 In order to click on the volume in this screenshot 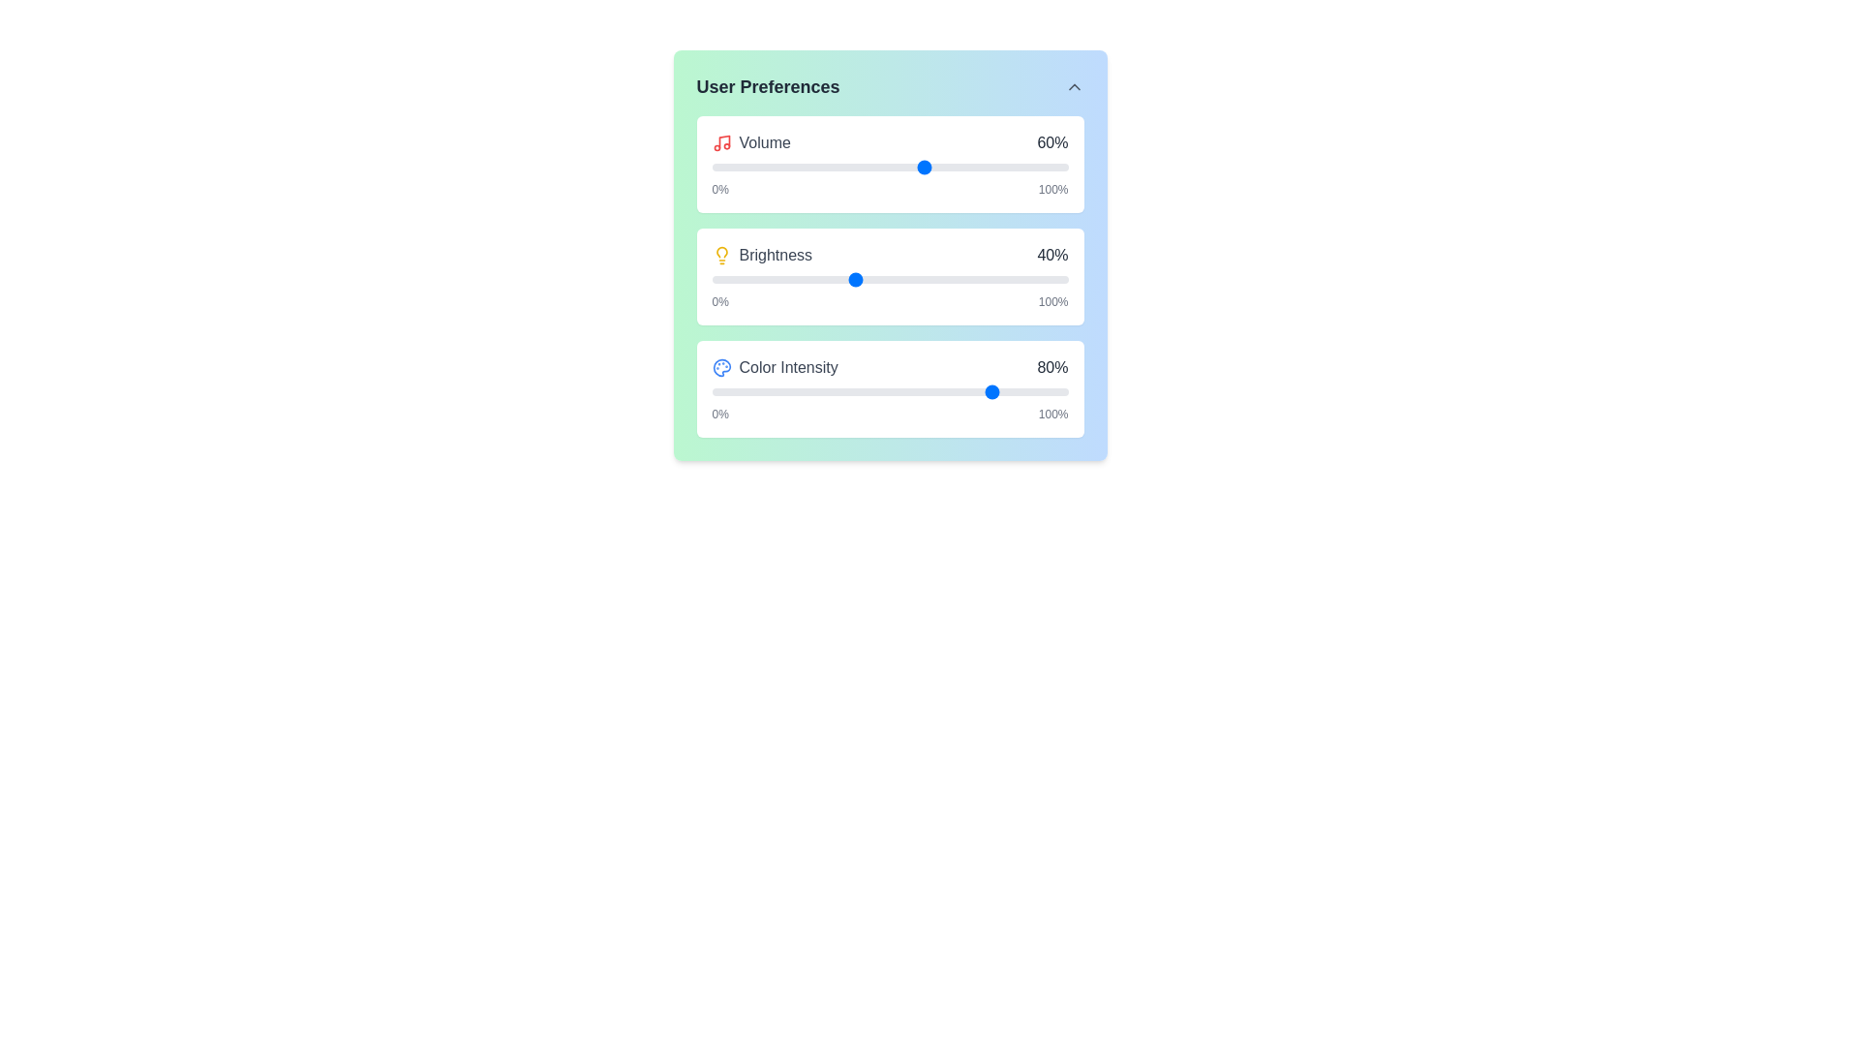, I will do `click(797, 167)`.